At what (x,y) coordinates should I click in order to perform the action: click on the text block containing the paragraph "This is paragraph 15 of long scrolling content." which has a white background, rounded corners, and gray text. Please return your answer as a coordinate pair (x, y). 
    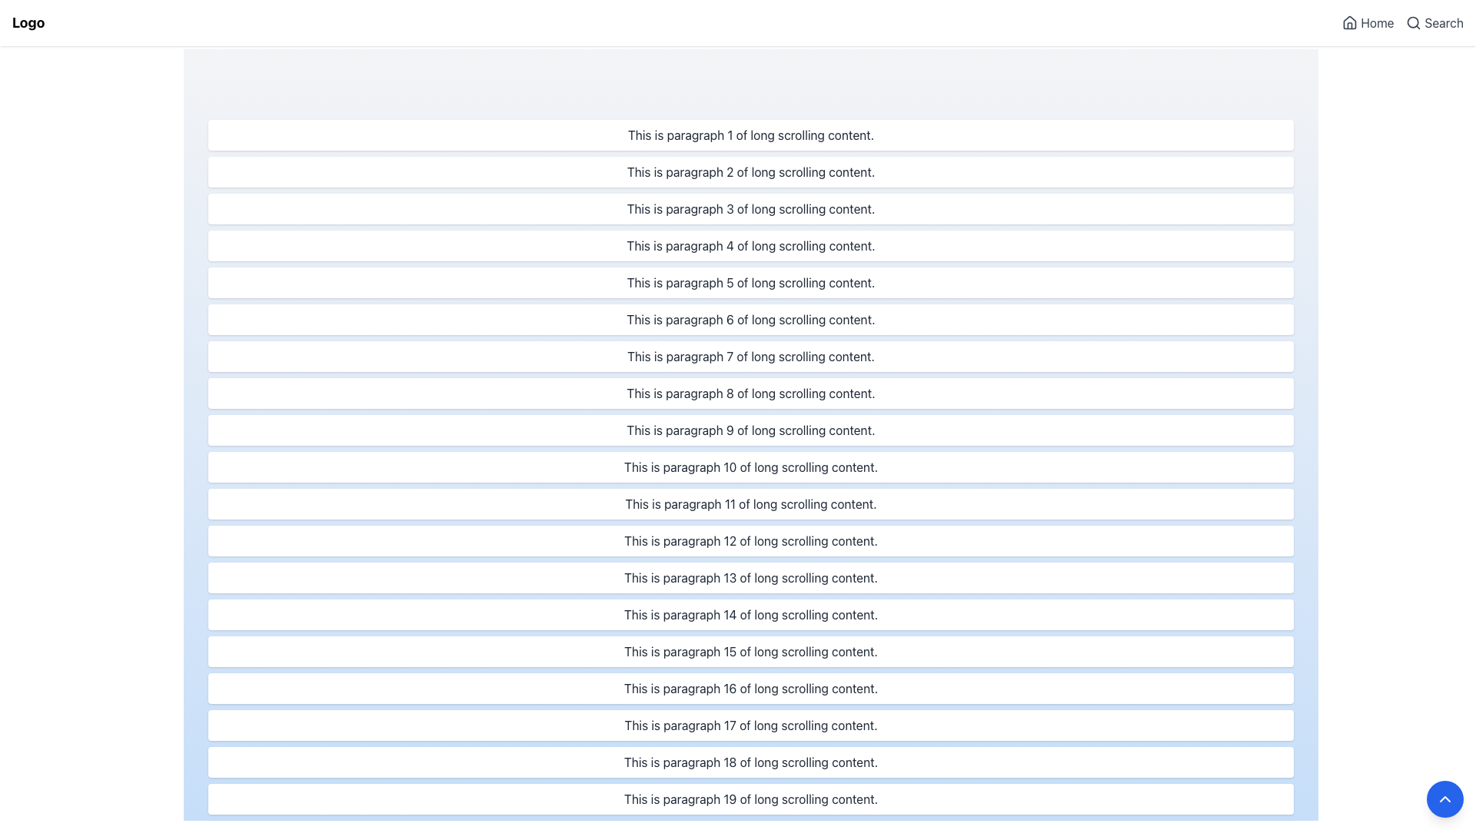
    Looking at the image, I should click on (751, 652).